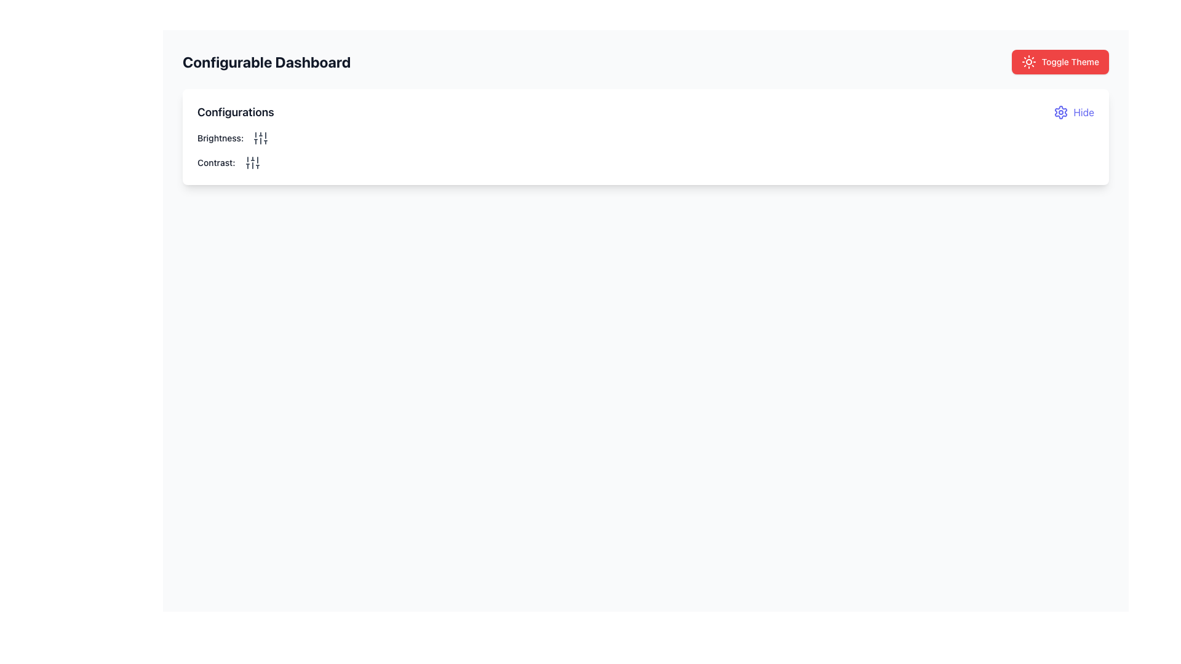  I want to click on the theme toggle button located in the top-right corner of the 'Configurable Dashboard' interface, so click(1060, 61).